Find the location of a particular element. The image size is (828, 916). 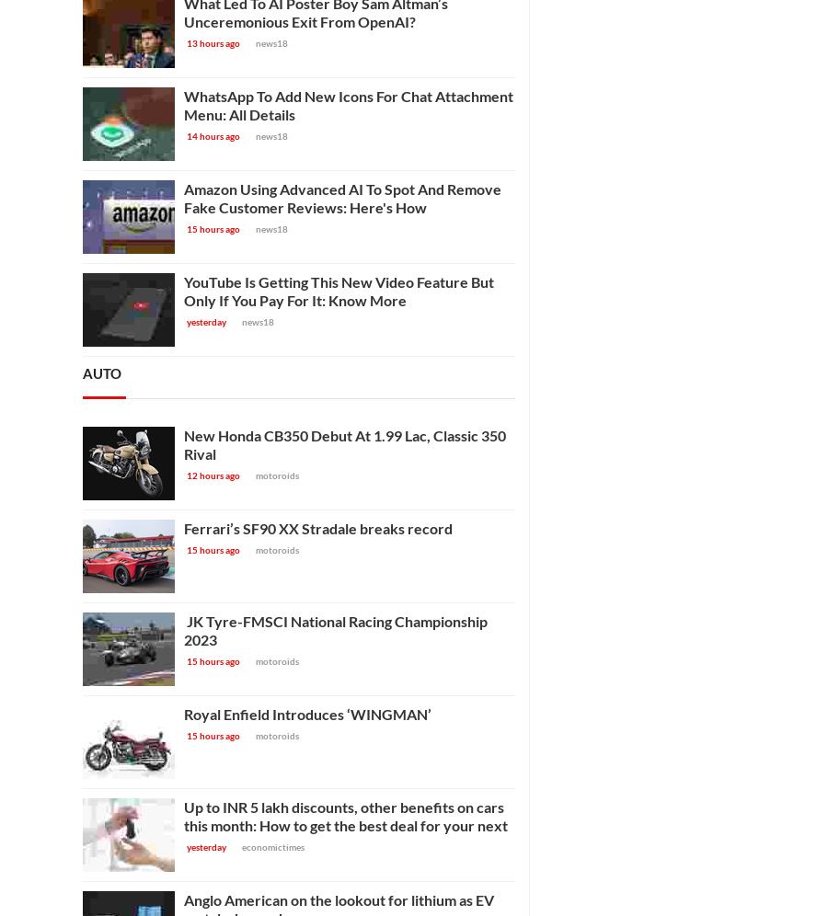

'JK Tyre-FMSCI National Racing Championship 2023' is located at coordinates (183, 629).